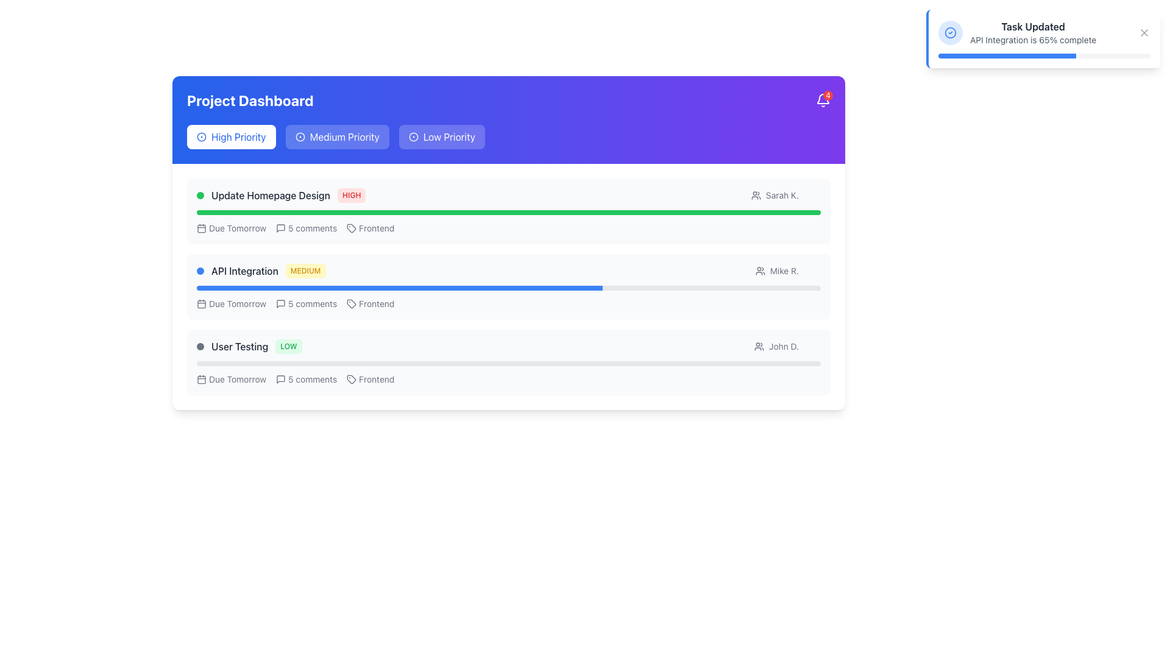  I want to click on static text label that identifies the task 'User Testing', which is located in the third task row labeled 'User Testing LOW', so click(239, 347).